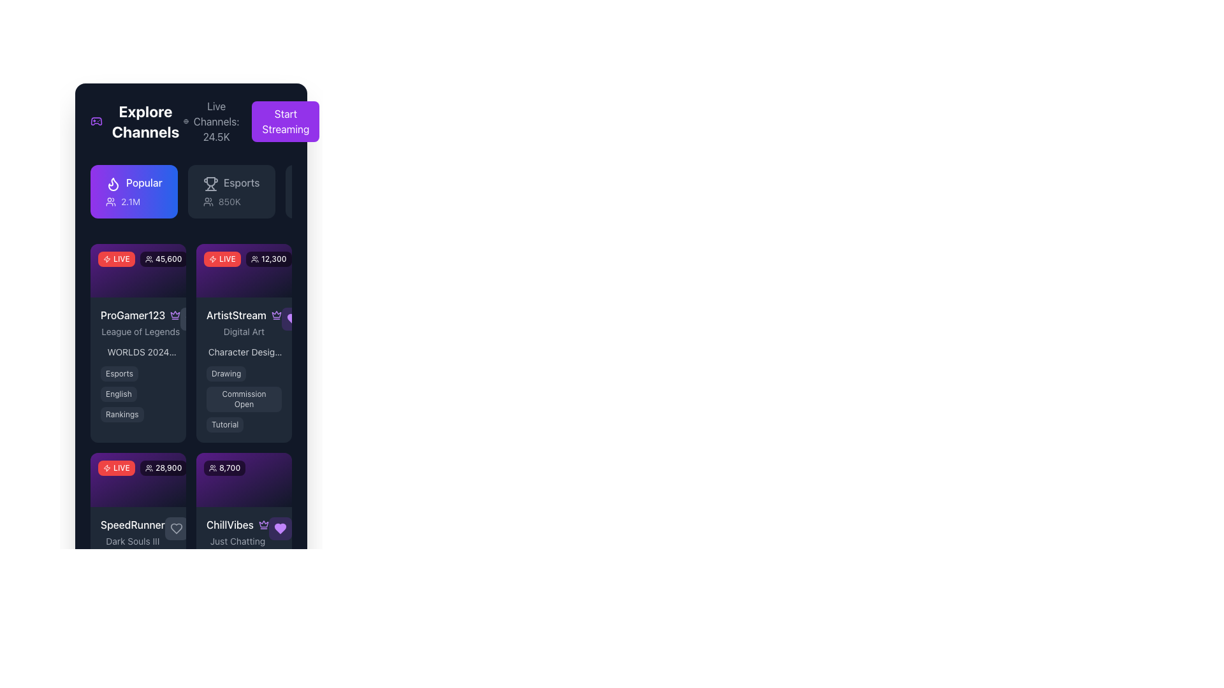  I want to click on the static text label displaying 'Just Chatting' in a small, gray font, which is located directly beneath the 'ChillVibes' label in a structured list or grid interface, so click(238, 541).